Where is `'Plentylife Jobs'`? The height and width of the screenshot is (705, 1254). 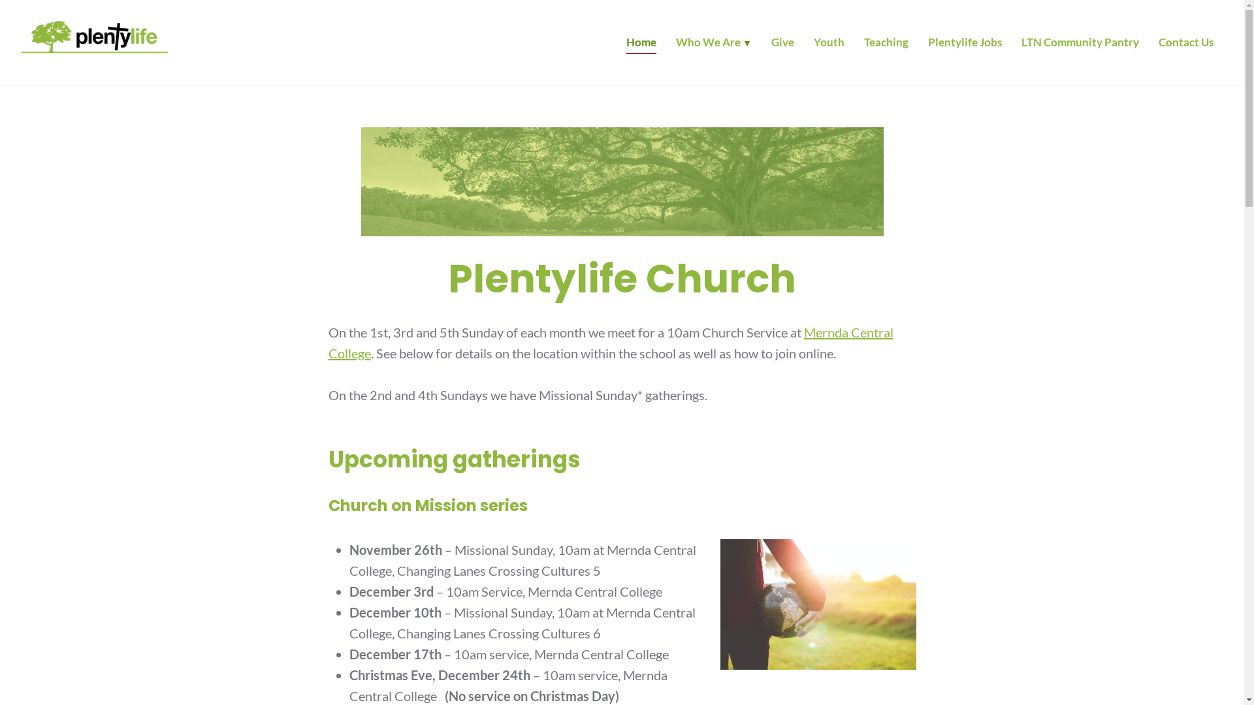
'Plentylife Jobs' is located at coordinates (965, 44).